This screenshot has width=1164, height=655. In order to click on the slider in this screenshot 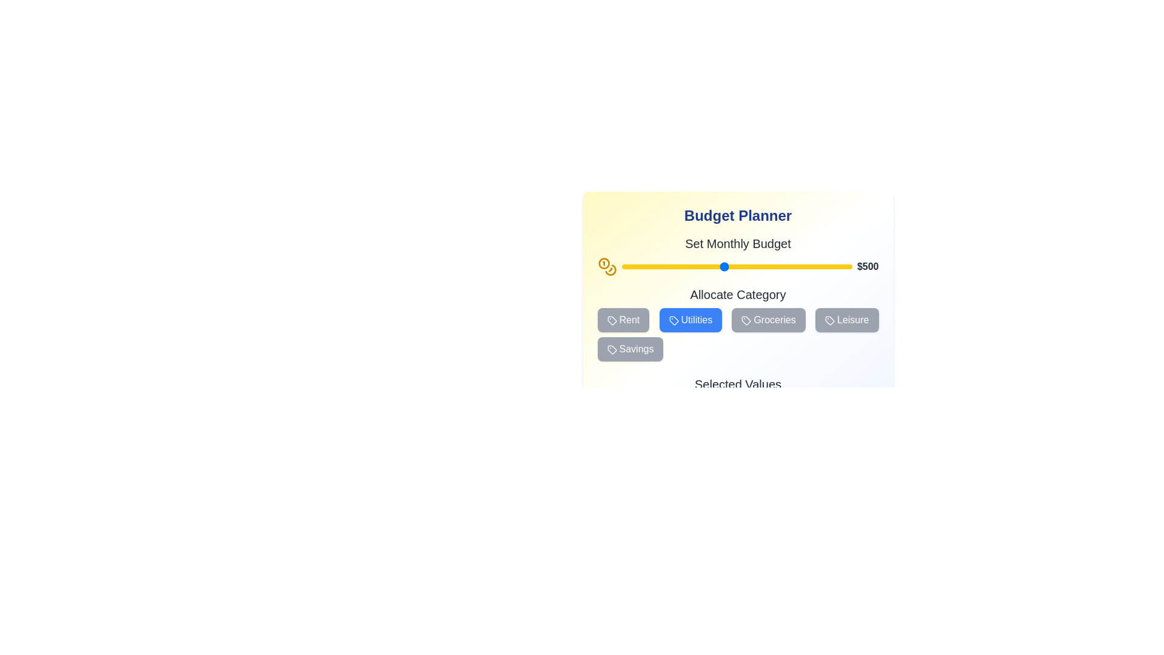, I will do `click(653, 266)`.